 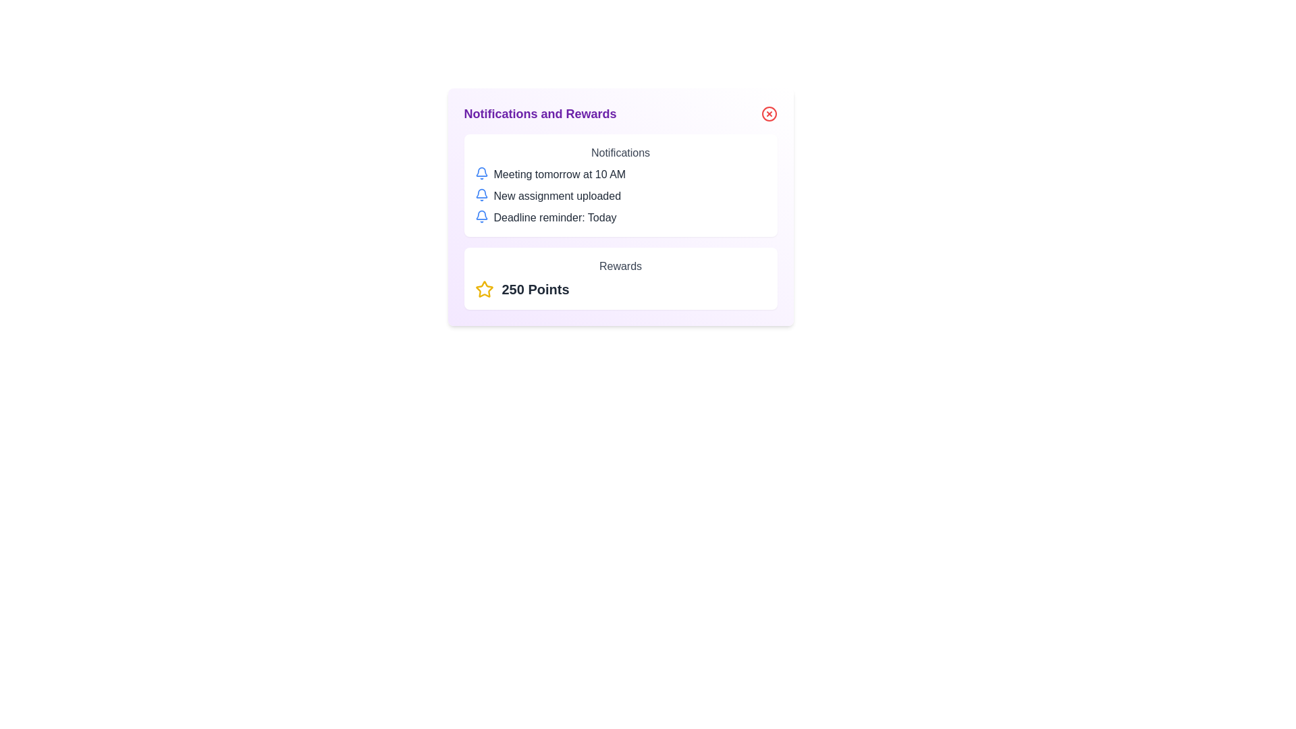 What do you see at coordinates (620, 196) in the screenshot?
I see `notification content of the second notification item displaying 'New assignment uploaded' in the Notifications and Rewards panel` at bounding box center [620, 196].